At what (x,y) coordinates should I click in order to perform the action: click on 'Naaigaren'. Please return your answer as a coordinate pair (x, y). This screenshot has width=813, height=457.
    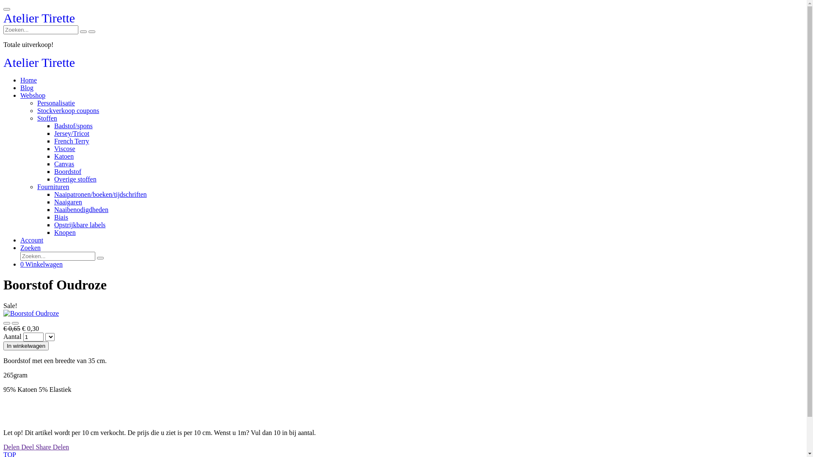
    Looking at the image, I should click on (68, 202).